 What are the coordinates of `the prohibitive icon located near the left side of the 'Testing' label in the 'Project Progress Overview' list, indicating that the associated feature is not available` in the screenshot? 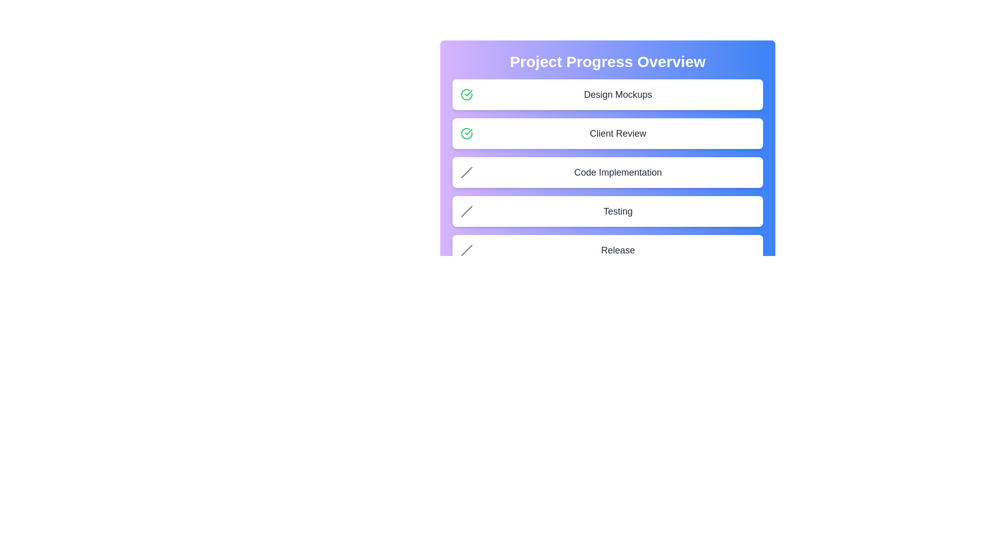 It's located at (466, 210).